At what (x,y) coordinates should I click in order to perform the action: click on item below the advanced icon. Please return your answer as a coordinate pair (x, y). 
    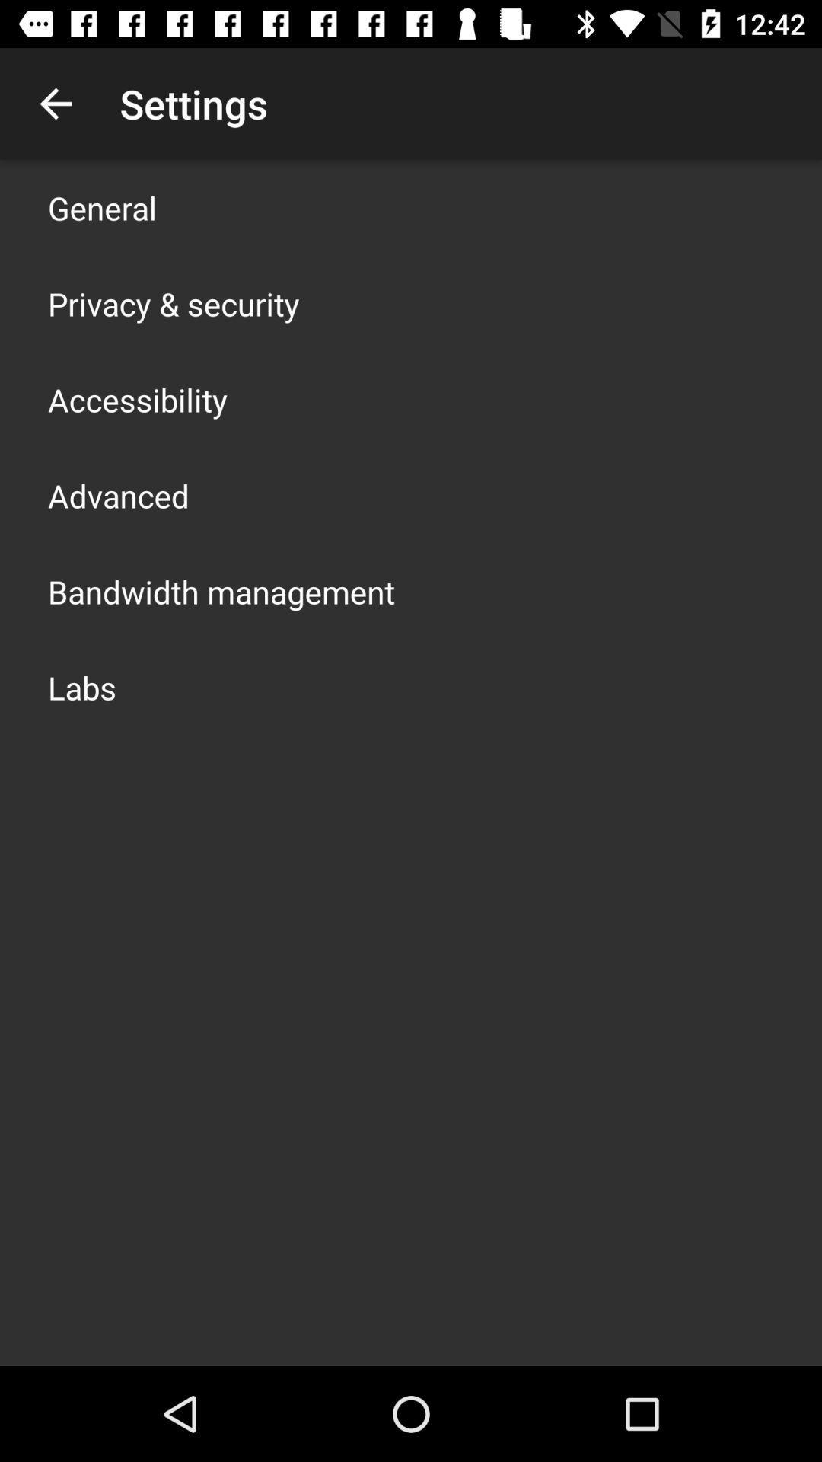
    Looking at the image, I should click on (221, 591).